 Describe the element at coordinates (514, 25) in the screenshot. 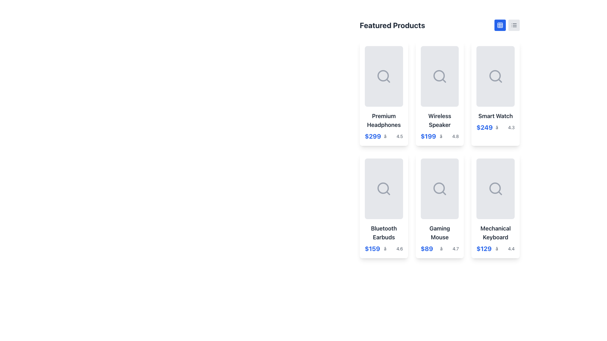

I see `the layout toggle icon located in the top right corner of the interface next to the blue grid icon` at that location.